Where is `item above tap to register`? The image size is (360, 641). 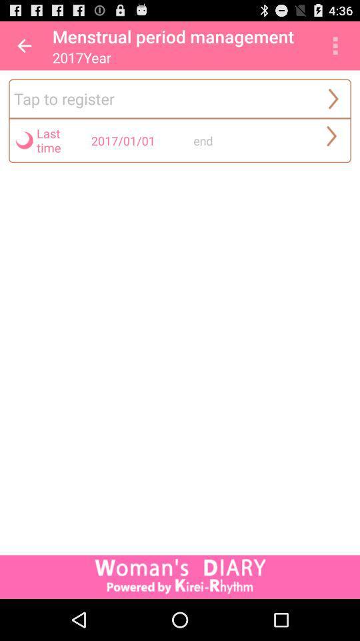
item above tap to register is located at coordinates (24, 45).